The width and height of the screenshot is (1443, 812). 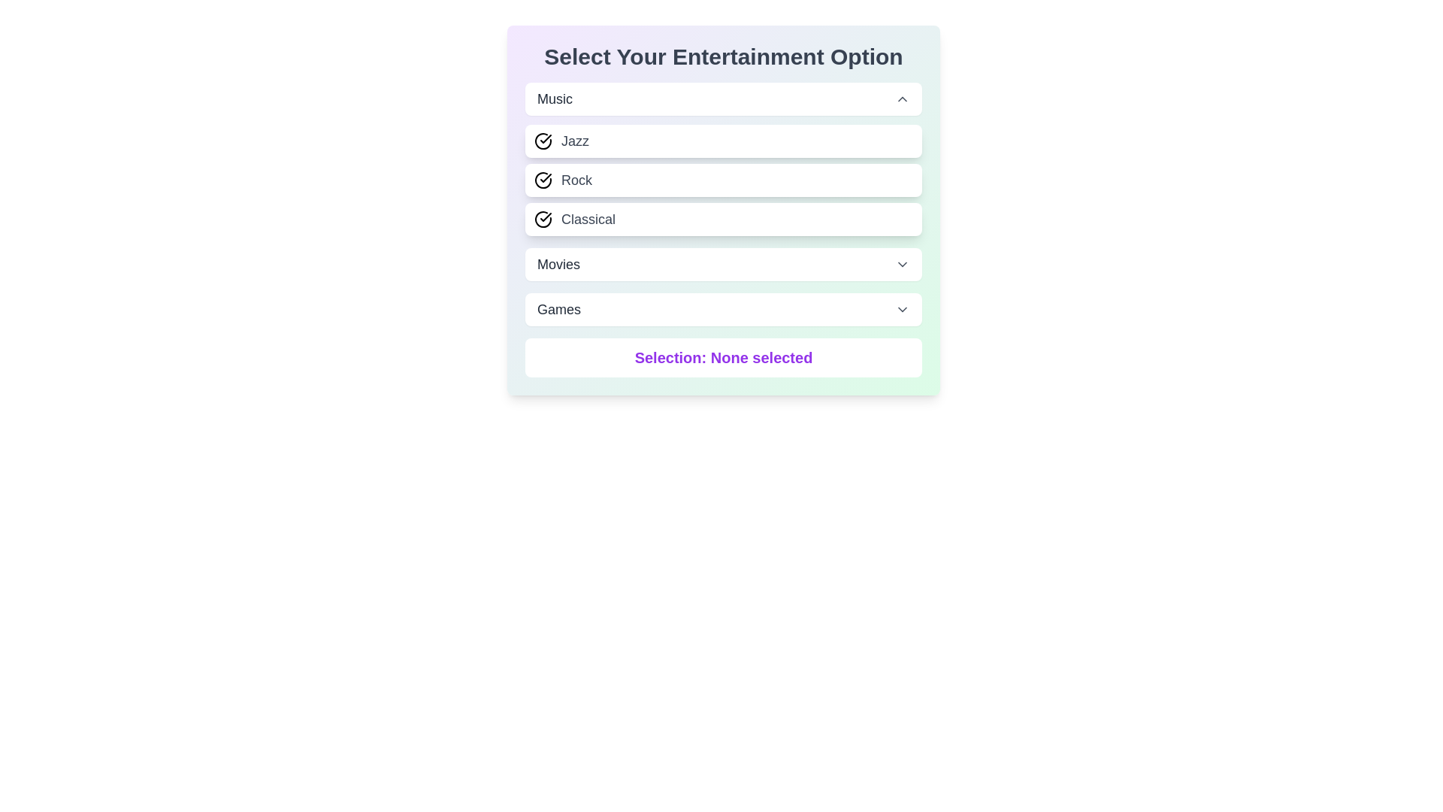 I want to click on the dropdown menu trigger button for the 'Movies' category, so click(x=724, y=263).